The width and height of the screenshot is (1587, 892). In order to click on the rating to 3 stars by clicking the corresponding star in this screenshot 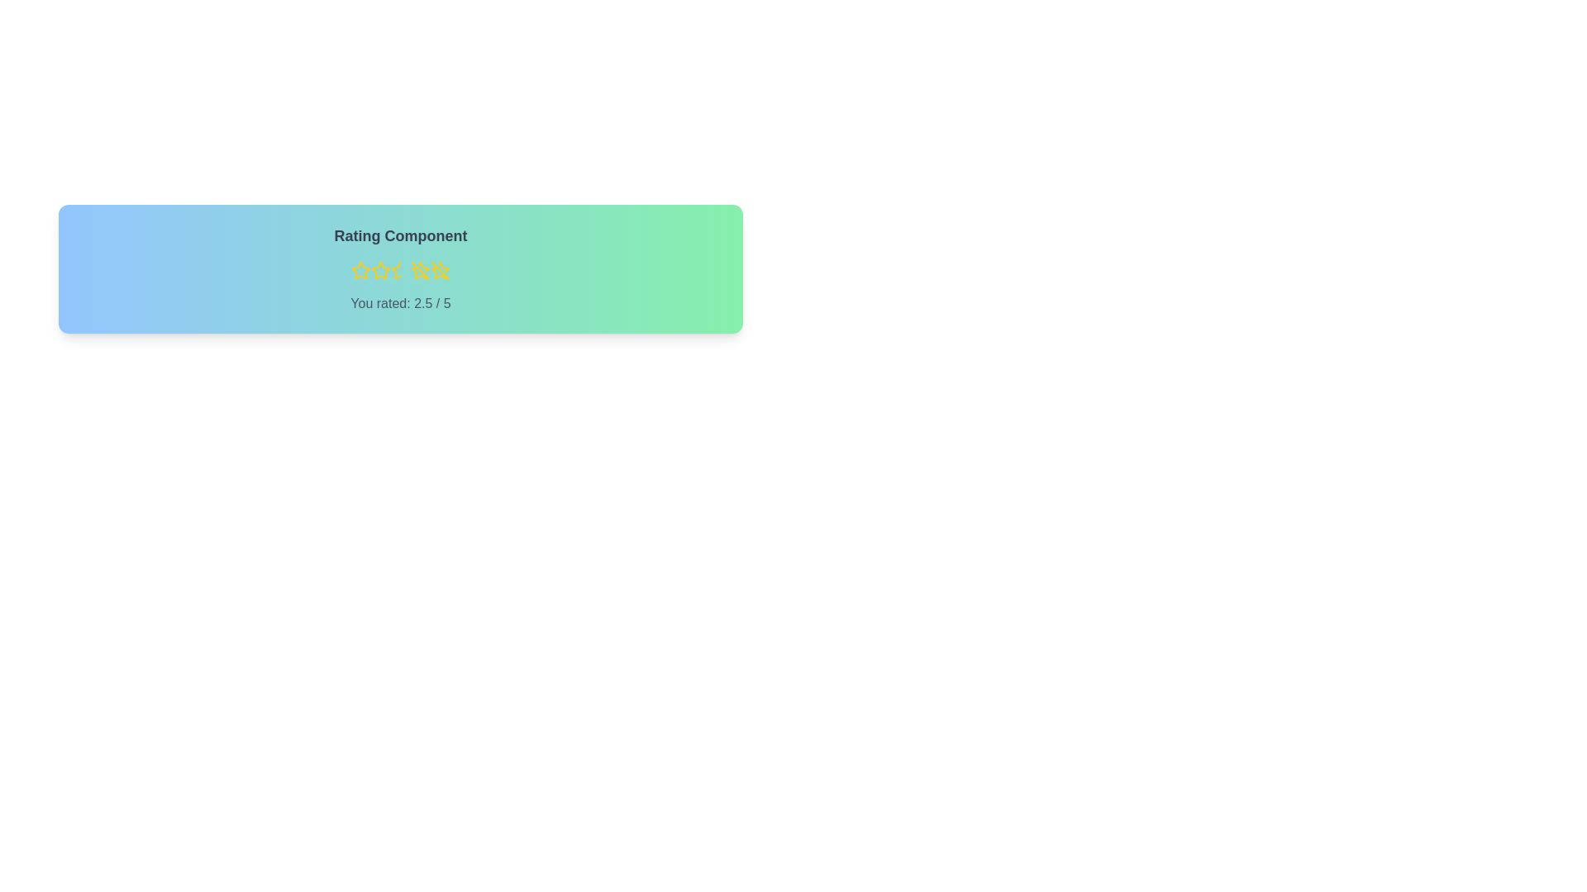, I will do `click(400, 269)`.